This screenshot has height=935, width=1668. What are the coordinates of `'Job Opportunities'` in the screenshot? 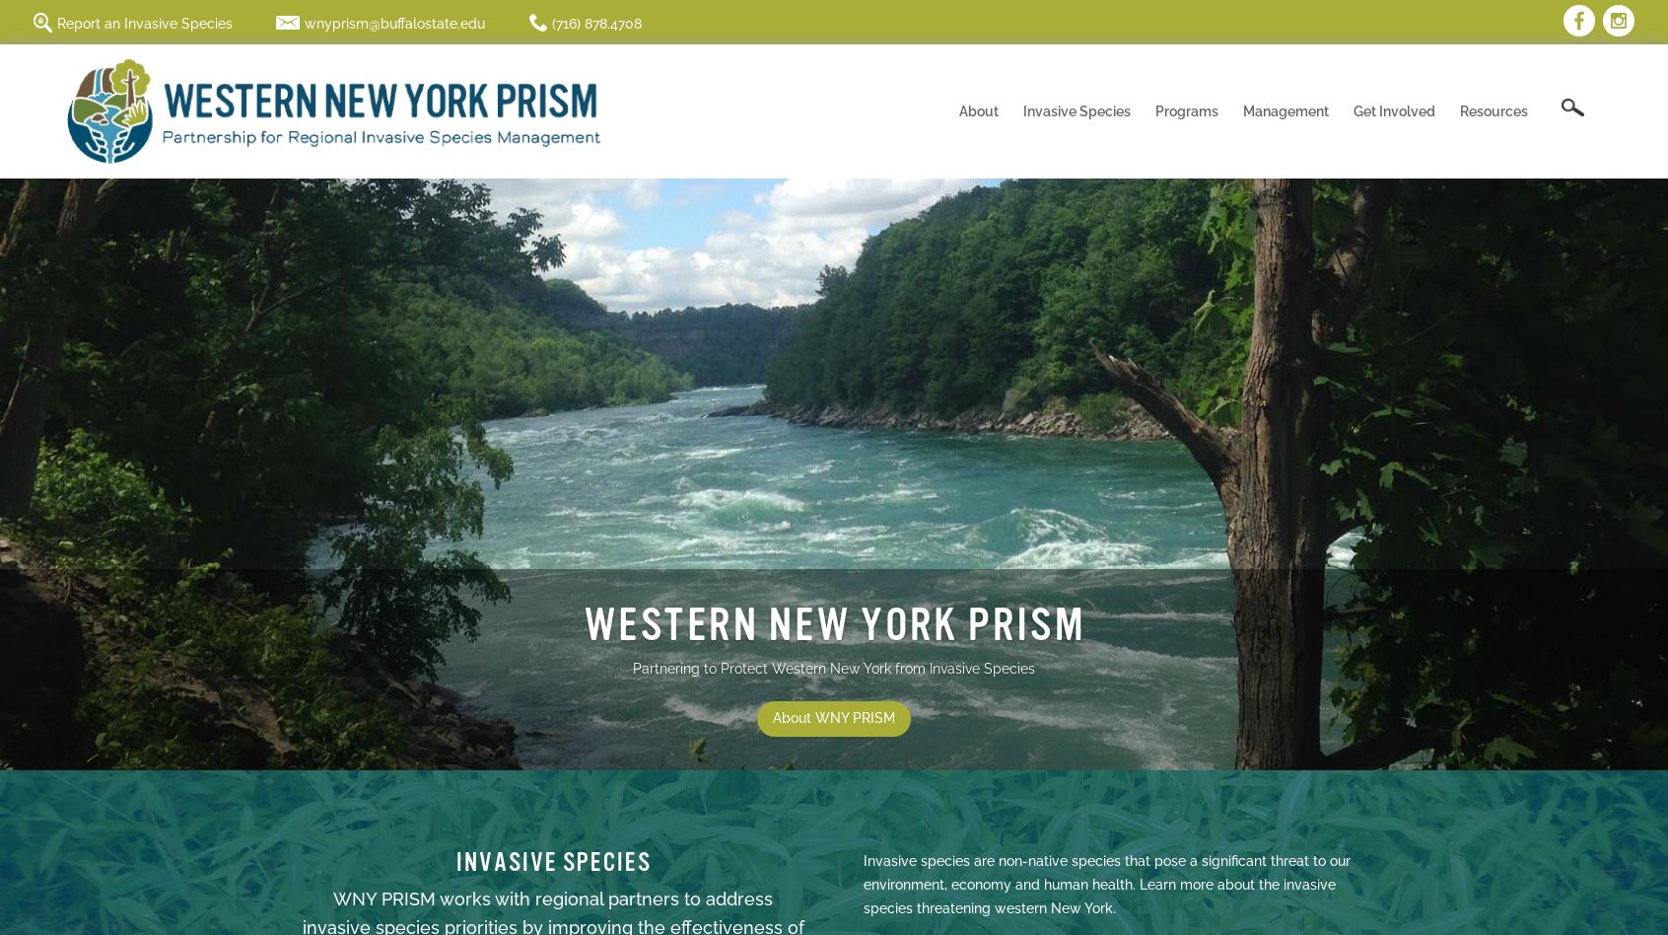 It's located at (1055, 389).